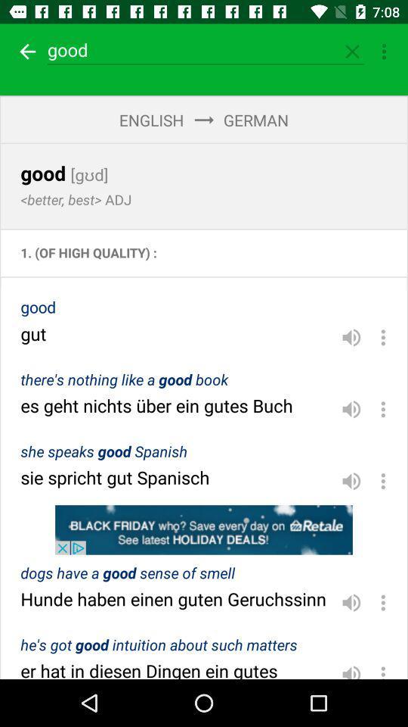 Image resolution: width=408 pixels, height=727 pixels. Describe the element at coordinates (351, 480) in the screenshot. I see `pronunciation` at that location.